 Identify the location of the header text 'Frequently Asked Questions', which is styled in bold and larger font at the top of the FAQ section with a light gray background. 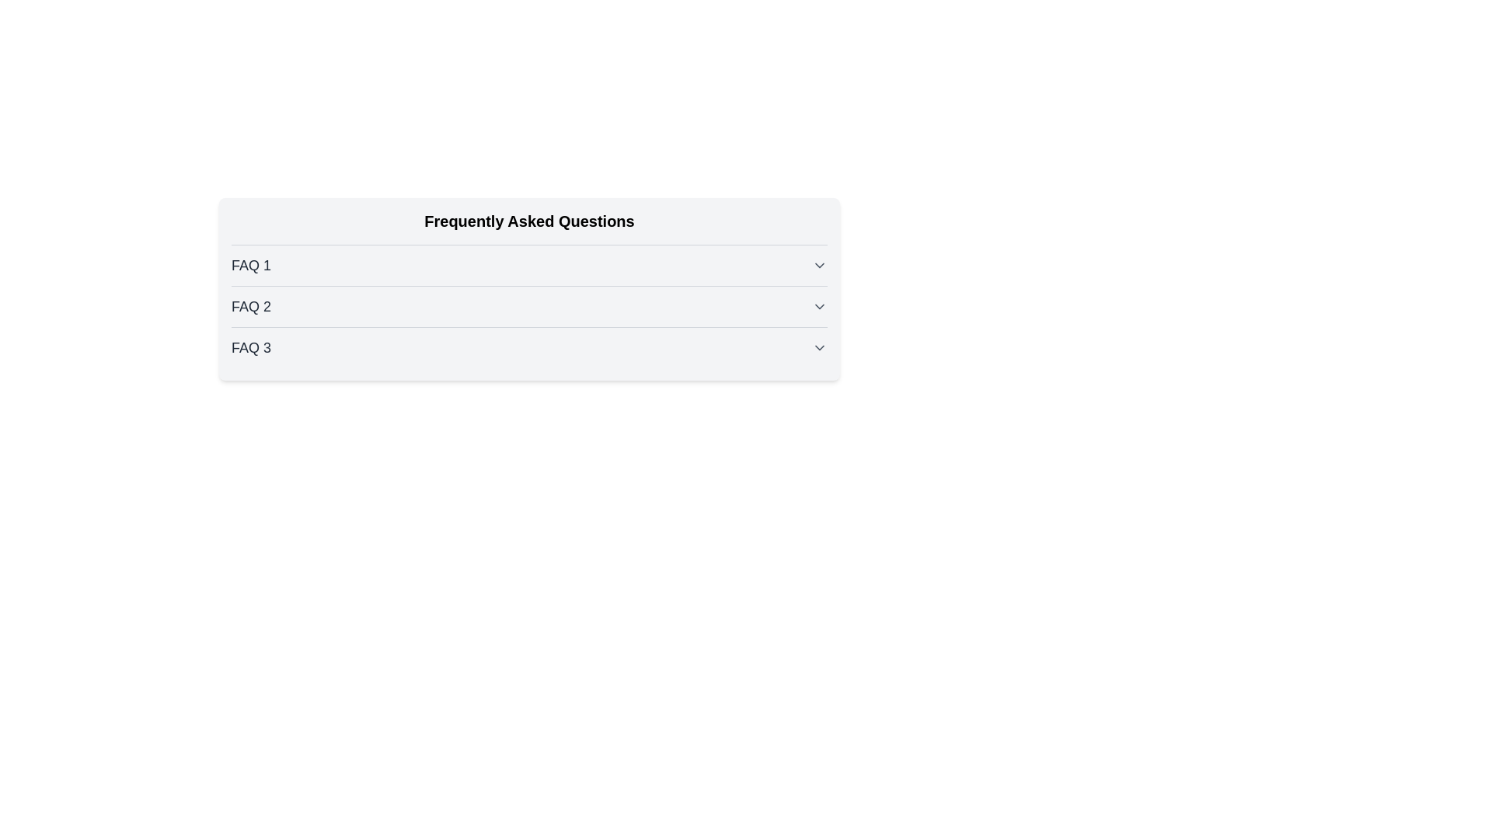
(529, 221).